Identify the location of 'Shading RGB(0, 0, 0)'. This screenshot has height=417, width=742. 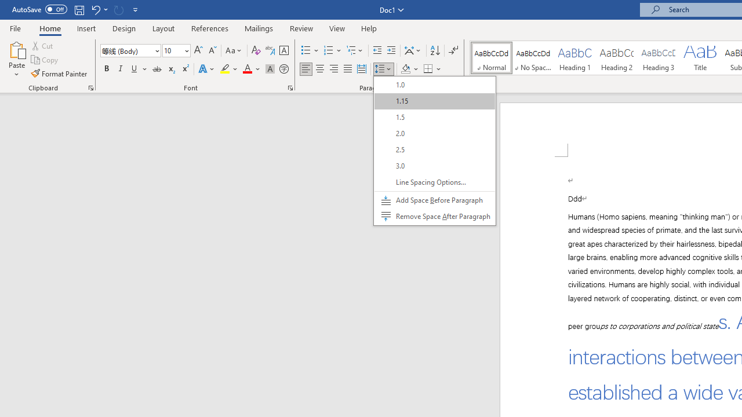
(405, 69).